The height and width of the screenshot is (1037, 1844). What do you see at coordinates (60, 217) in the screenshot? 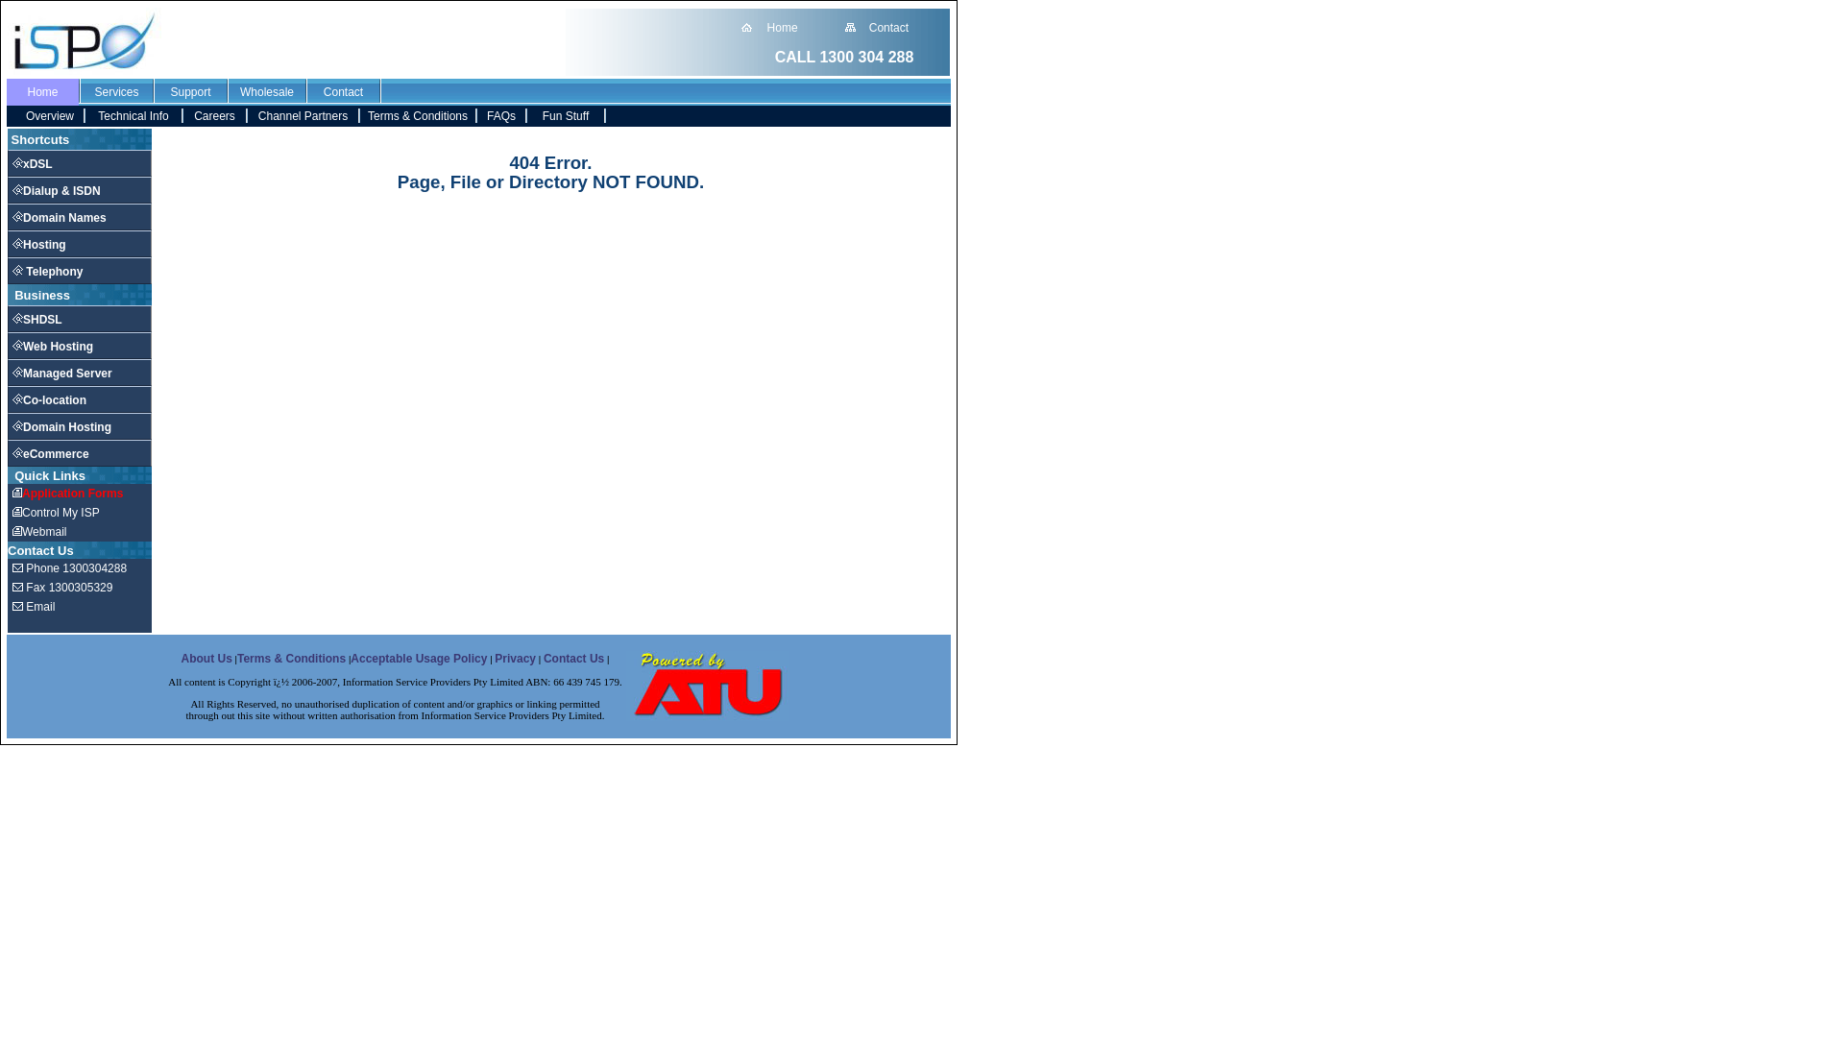
I see `'Domain Names'` at bounding box center [60, 217].